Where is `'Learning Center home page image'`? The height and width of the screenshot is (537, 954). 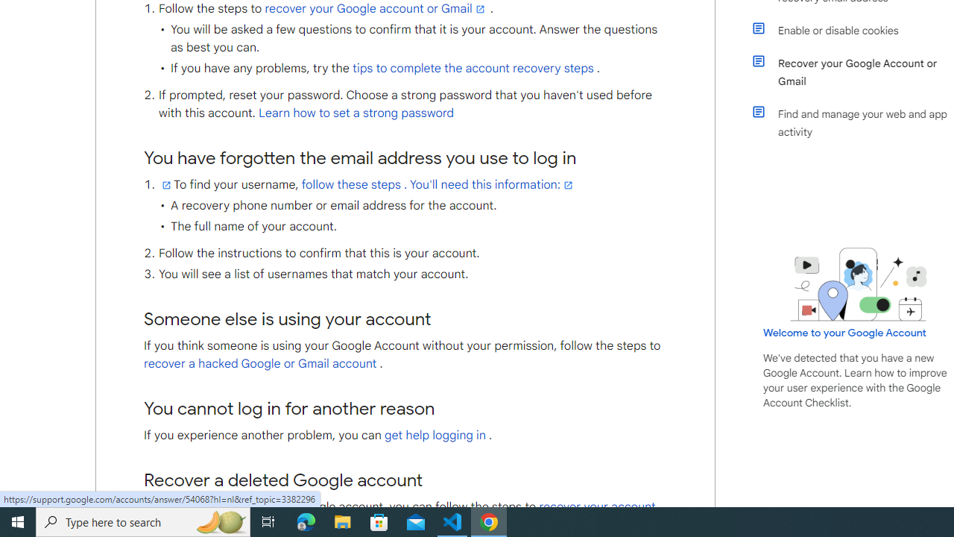
'Learning Center home page image' is located at coordinates (859, 284).